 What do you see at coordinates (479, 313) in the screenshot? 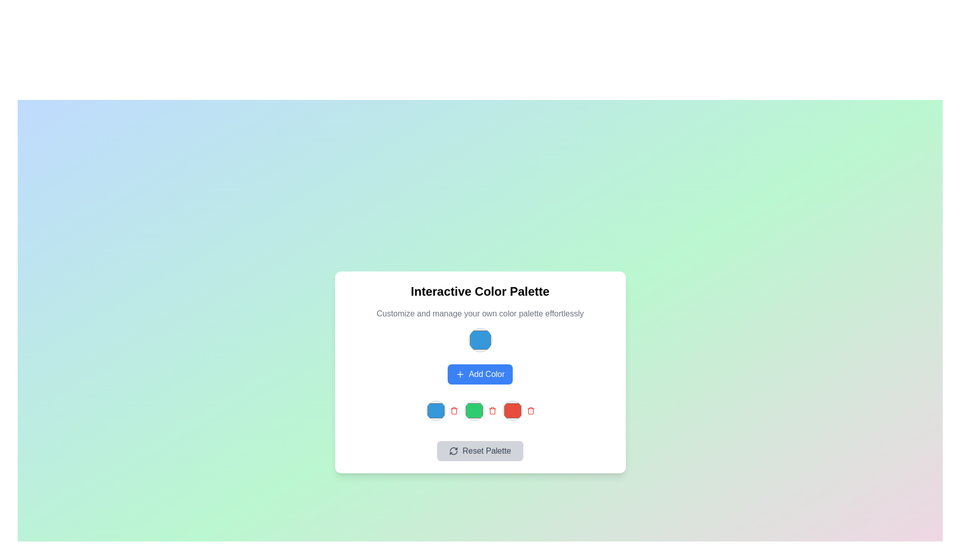
I see `the text label that reads 'Customize and manage your own color palette effortlessly.' which is centrally positioned within a white rounded rectangular card, located below the title 'Interactive Color Palette'` at bounding box center [479, 313].